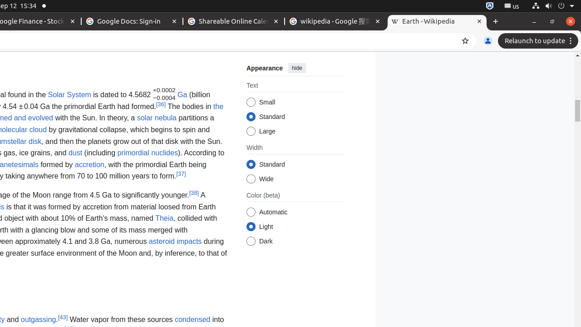  Describe the element at coordinates (192, 319) in the screenshot. I see `'condensed'` at that location.